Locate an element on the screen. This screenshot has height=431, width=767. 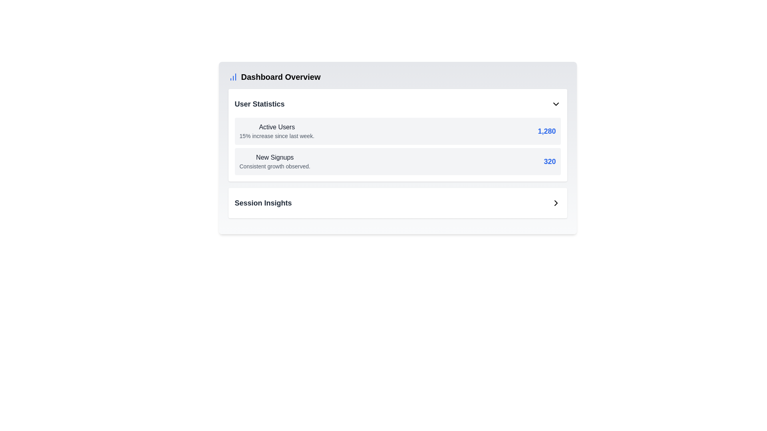
the text label displaying 'Session Insights', which is styled in bold dark gray font and located in the main content area near the 'User Statistics' section is located at coordinates (263, 203).